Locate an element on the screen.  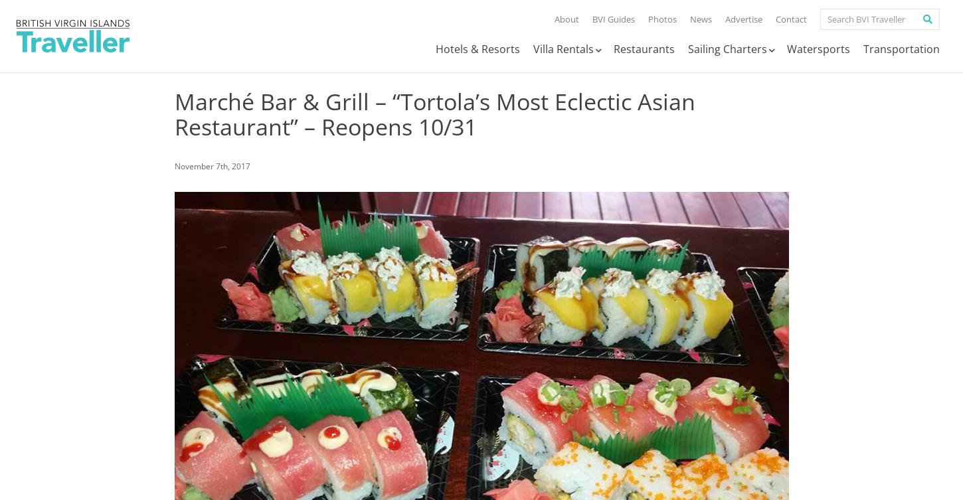
'Villa Rentals' is located at coordinates (563, 49).